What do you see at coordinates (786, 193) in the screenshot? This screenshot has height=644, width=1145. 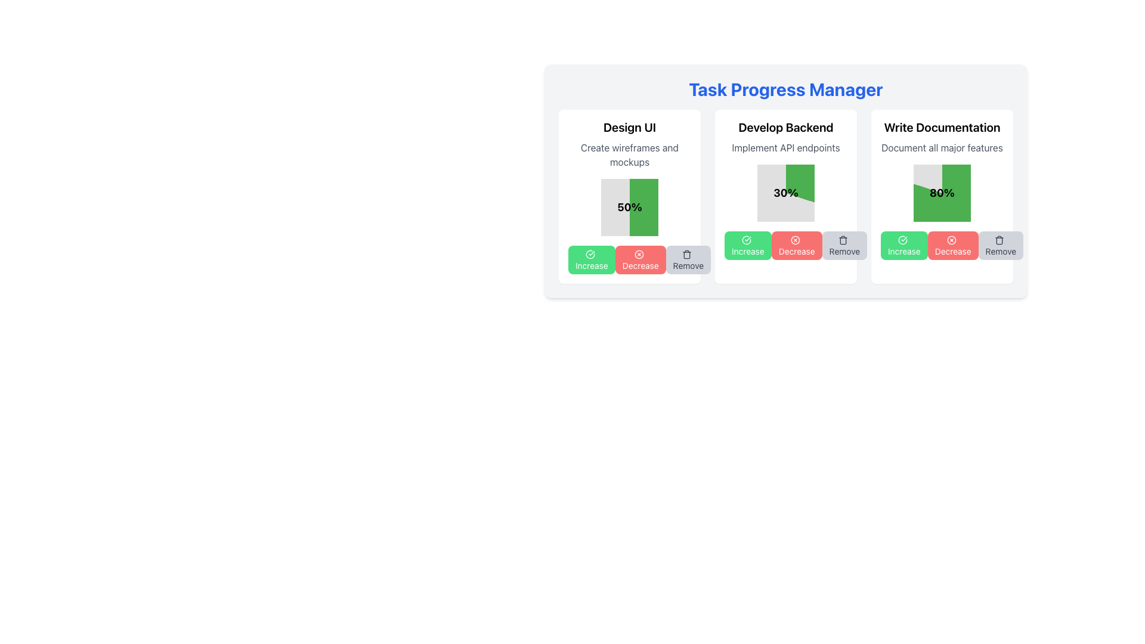 I see `the bold text displaying '30%' which is centered within the square progress chart of the 'Develop Backend' card in the 'Task Progress Manager' dashboard` at bounding box center [786, 193].